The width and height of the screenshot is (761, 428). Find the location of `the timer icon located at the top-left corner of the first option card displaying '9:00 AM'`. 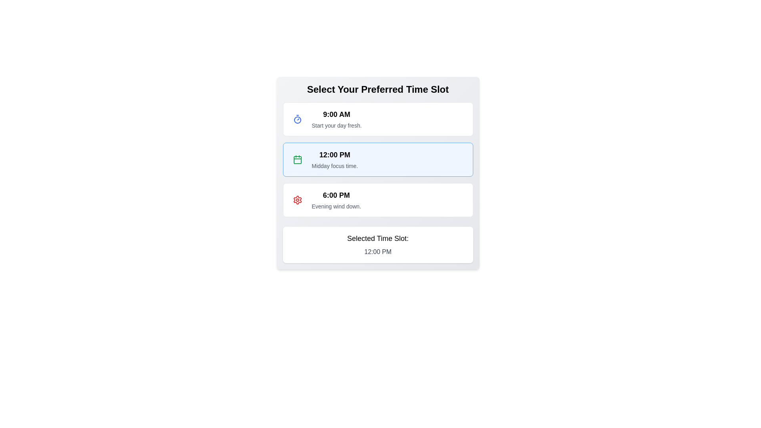

the timer icon located at the top-left corner of the first option card displaying '9:00 AM' is located at coordinates (297, 119).